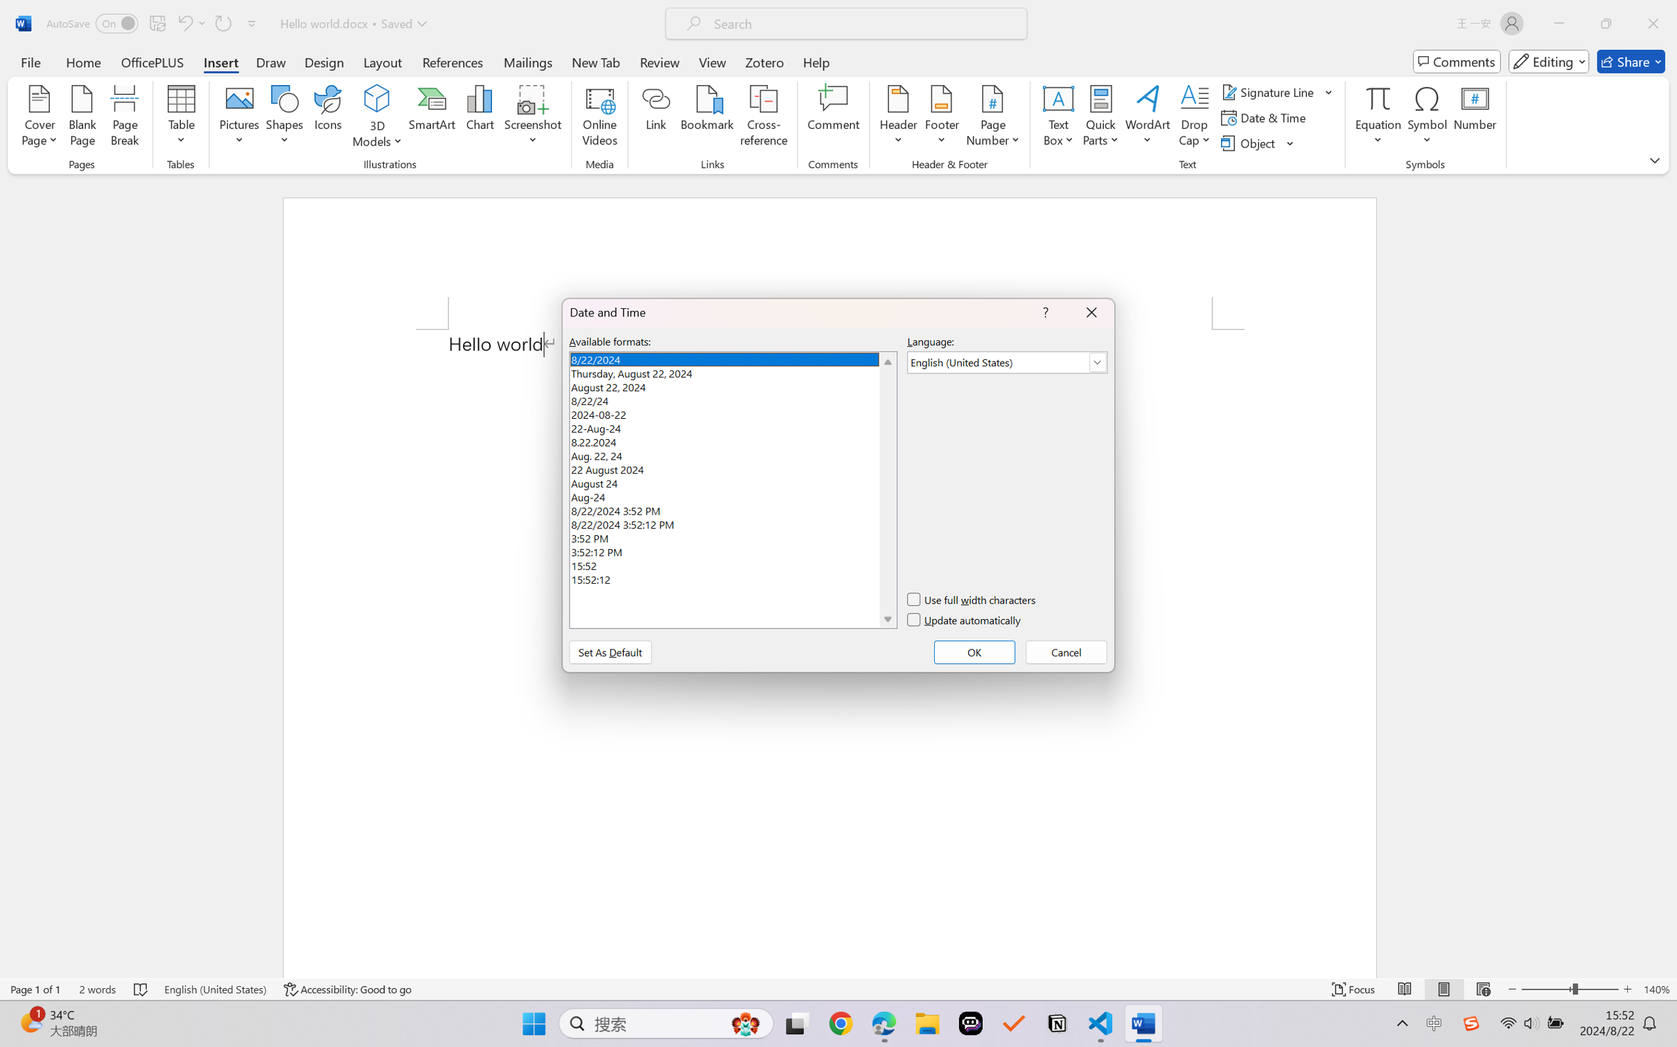 This screenshot has height=1047, width=1677. I want to click on 'Pictures', so click(240, 118).